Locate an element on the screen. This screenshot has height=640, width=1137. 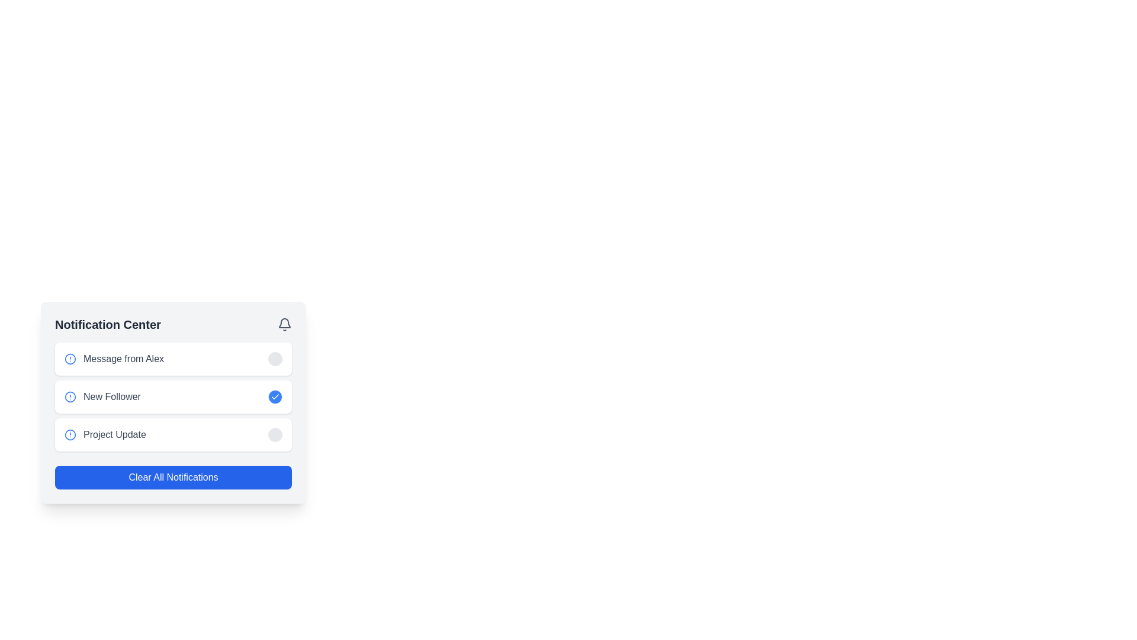
the 'Project Update' text label adjacent is located at coordinates (105, 434).